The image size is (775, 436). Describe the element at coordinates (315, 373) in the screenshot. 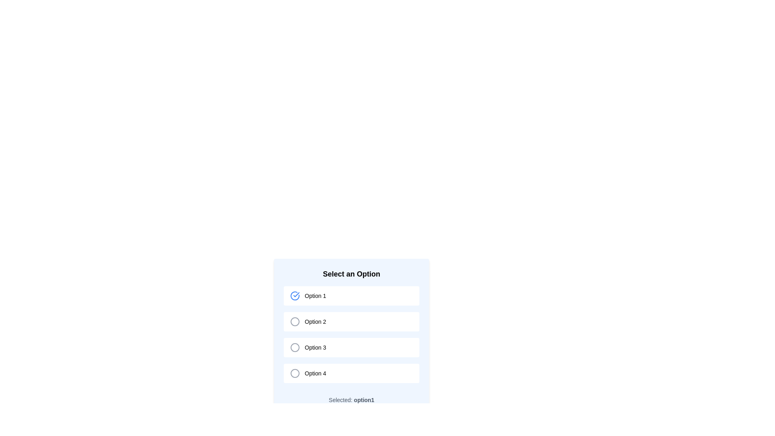

I see `the label displaying 'Option 4' located in the fourth row of a vertically stacked selection list` at that location.